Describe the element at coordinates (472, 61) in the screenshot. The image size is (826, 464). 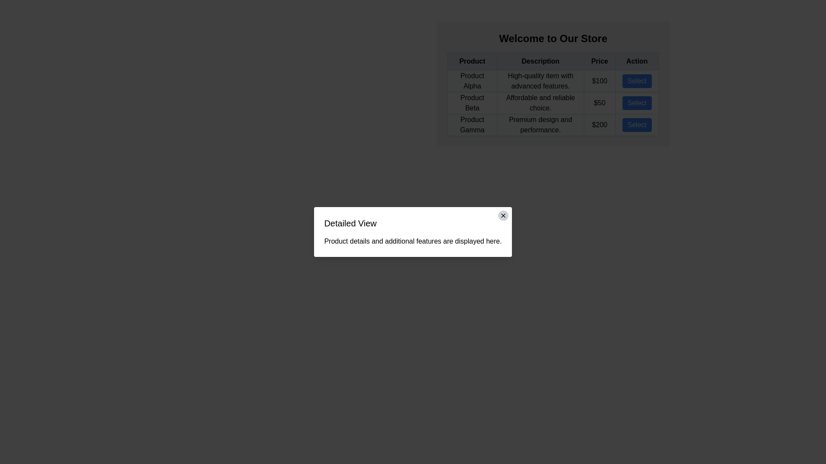
I see `the table header cell that labels the first column containing product names in the table` at that location.